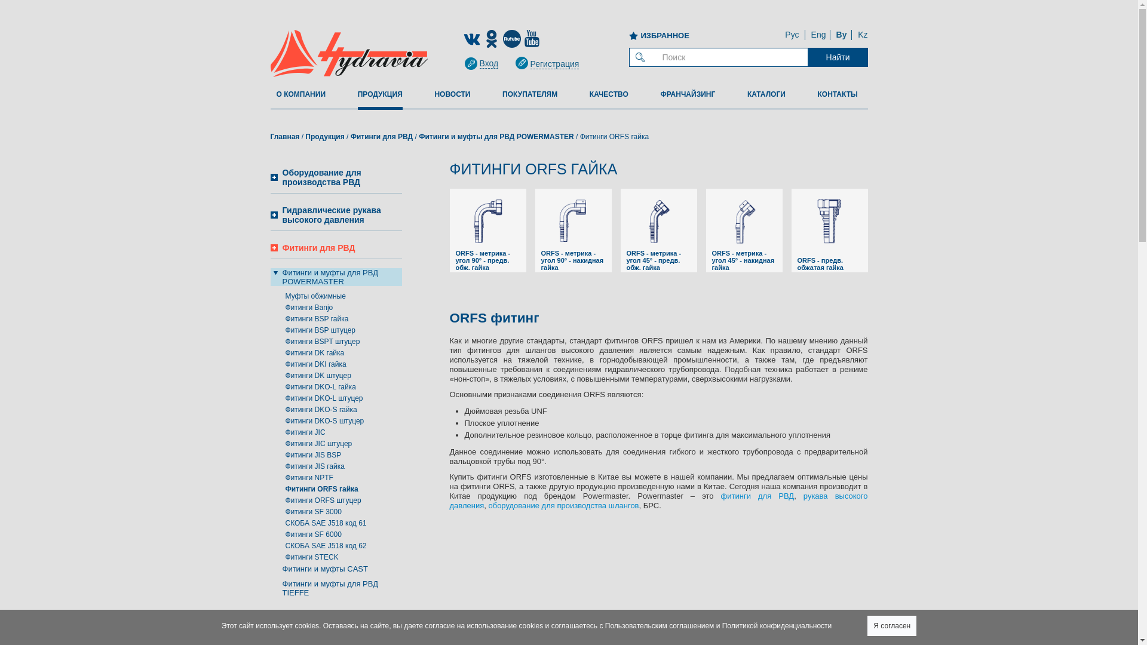 This screenshot has width=1147, height=645. I want to click on 'By', so click(841, 33).